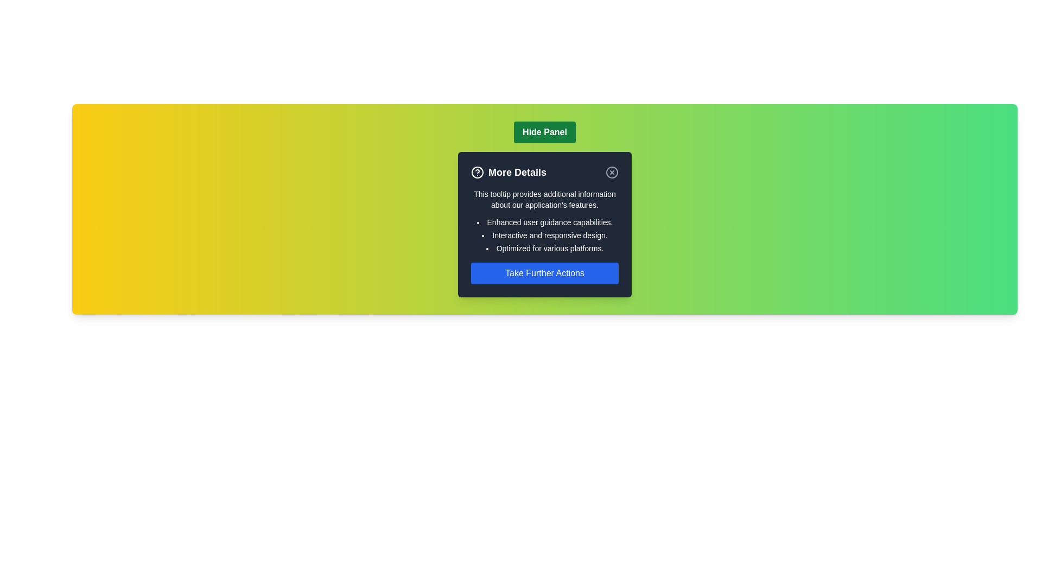 The height and width of the screenshot is (586, 1042). I want to click on the Decorative SVG Circle located in the top-right corner of the 'More Details' modal, which enhances the close button's design, so click(612, 171).